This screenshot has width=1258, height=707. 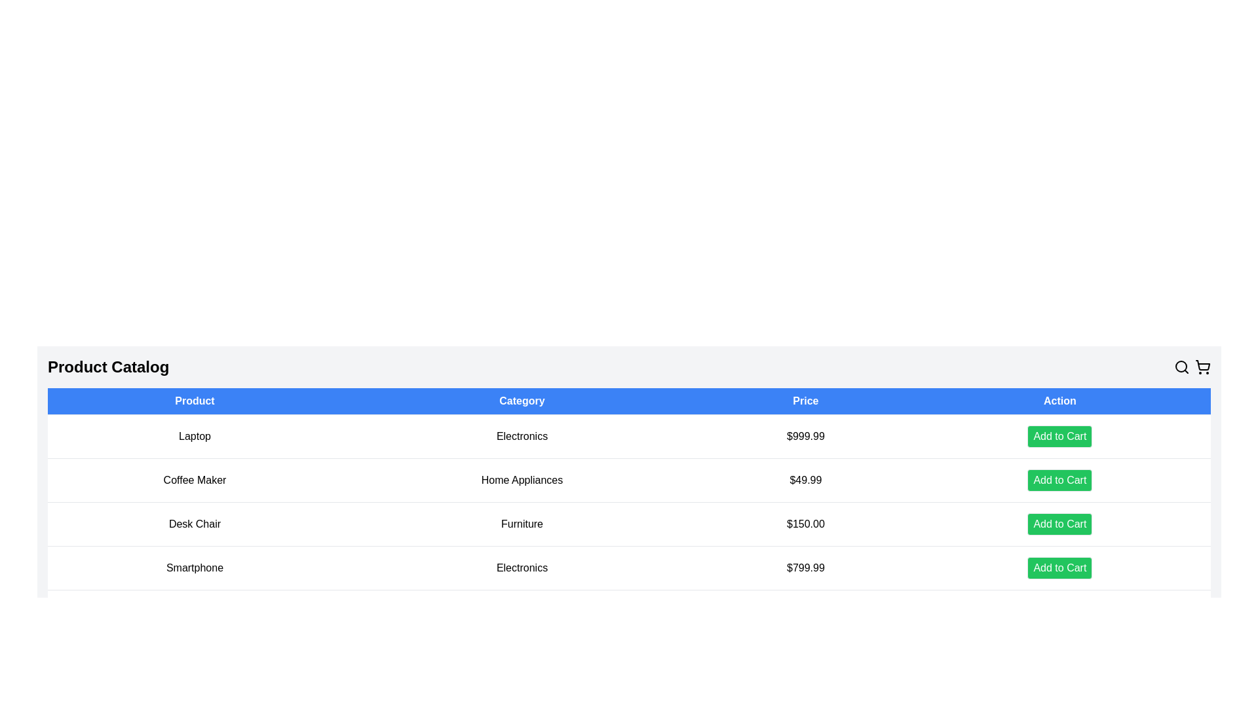 What do you see at coordinates (1059, 524) in the screenshot?
I see `the third 'Add to Cart' button in the product catalog table for the Desk Chair` at bounding box center [1059, 524].